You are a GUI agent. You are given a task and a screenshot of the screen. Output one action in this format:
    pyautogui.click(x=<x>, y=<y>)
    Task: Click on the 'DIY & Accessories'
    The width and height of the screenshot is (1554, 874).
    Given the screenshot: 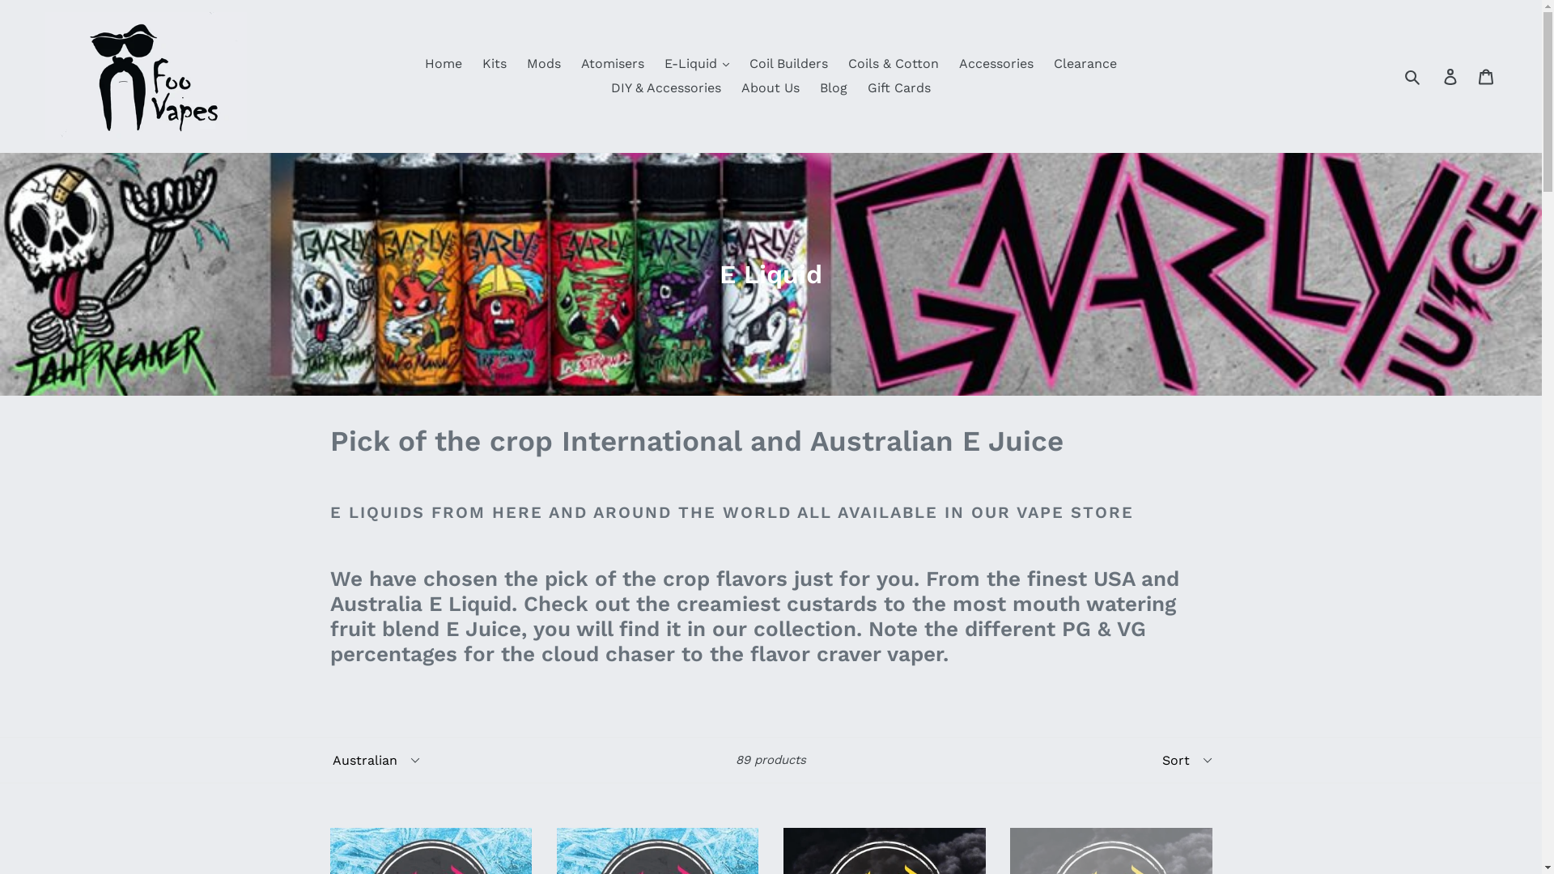 What is the action you would take?
    pyautogui.click(x=601, y=87)
    